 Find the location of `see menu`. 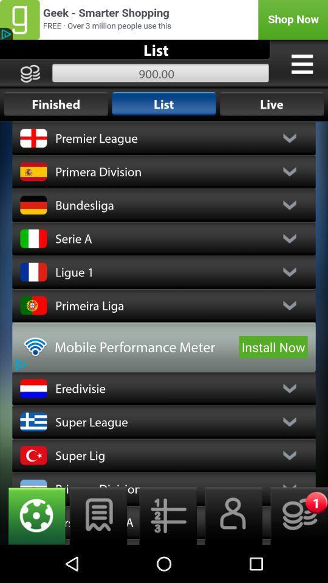

see menu is located at coordinates (301, 64).